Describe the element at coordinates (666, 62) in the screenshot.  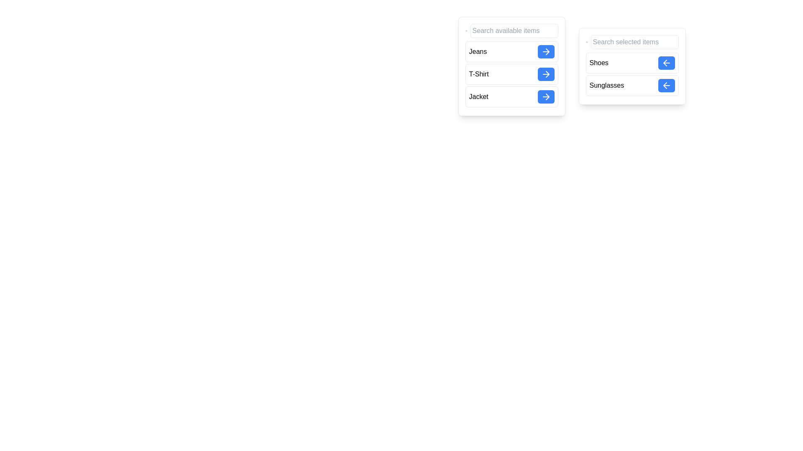
I see `the SVG Icon button located in the right panel under the 'Search selected items' section, next to the text 'Shoes'` at that location.